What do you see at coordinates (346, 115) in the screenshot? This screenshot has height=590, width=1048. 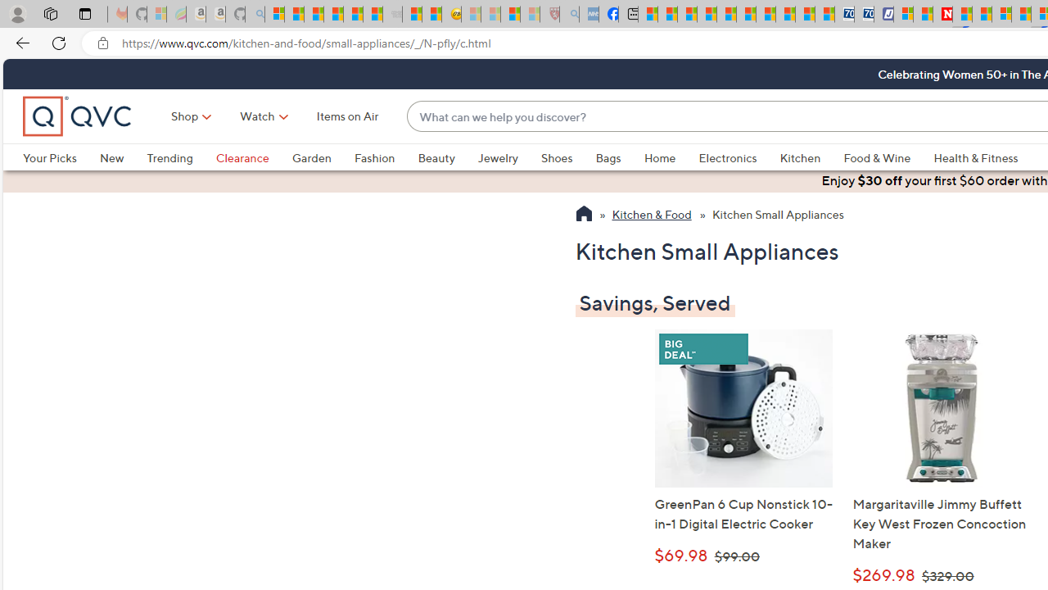 I see `'Items on Air'` at bounding box center [346, 115].